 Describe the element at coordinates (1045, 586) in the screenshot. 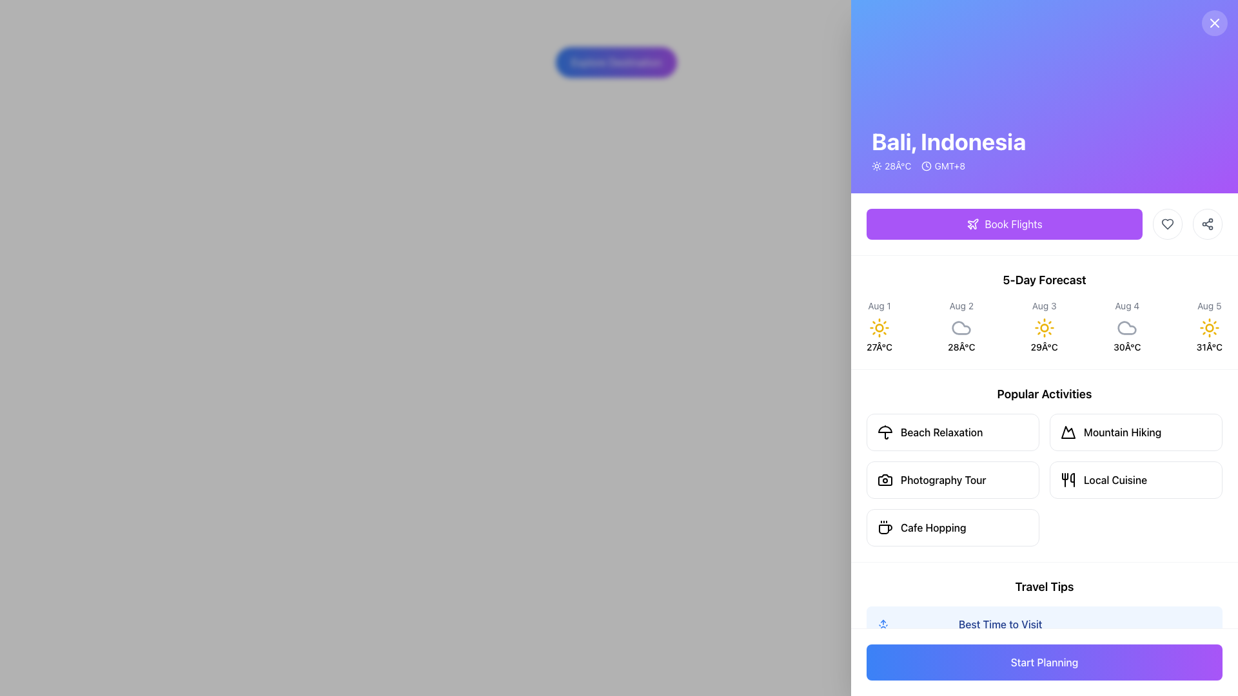

I see `the text heading that introduces the section detailing travel tips, located below the 'Popular Activities' section and above the 'Best Time to Visit'` at that location.